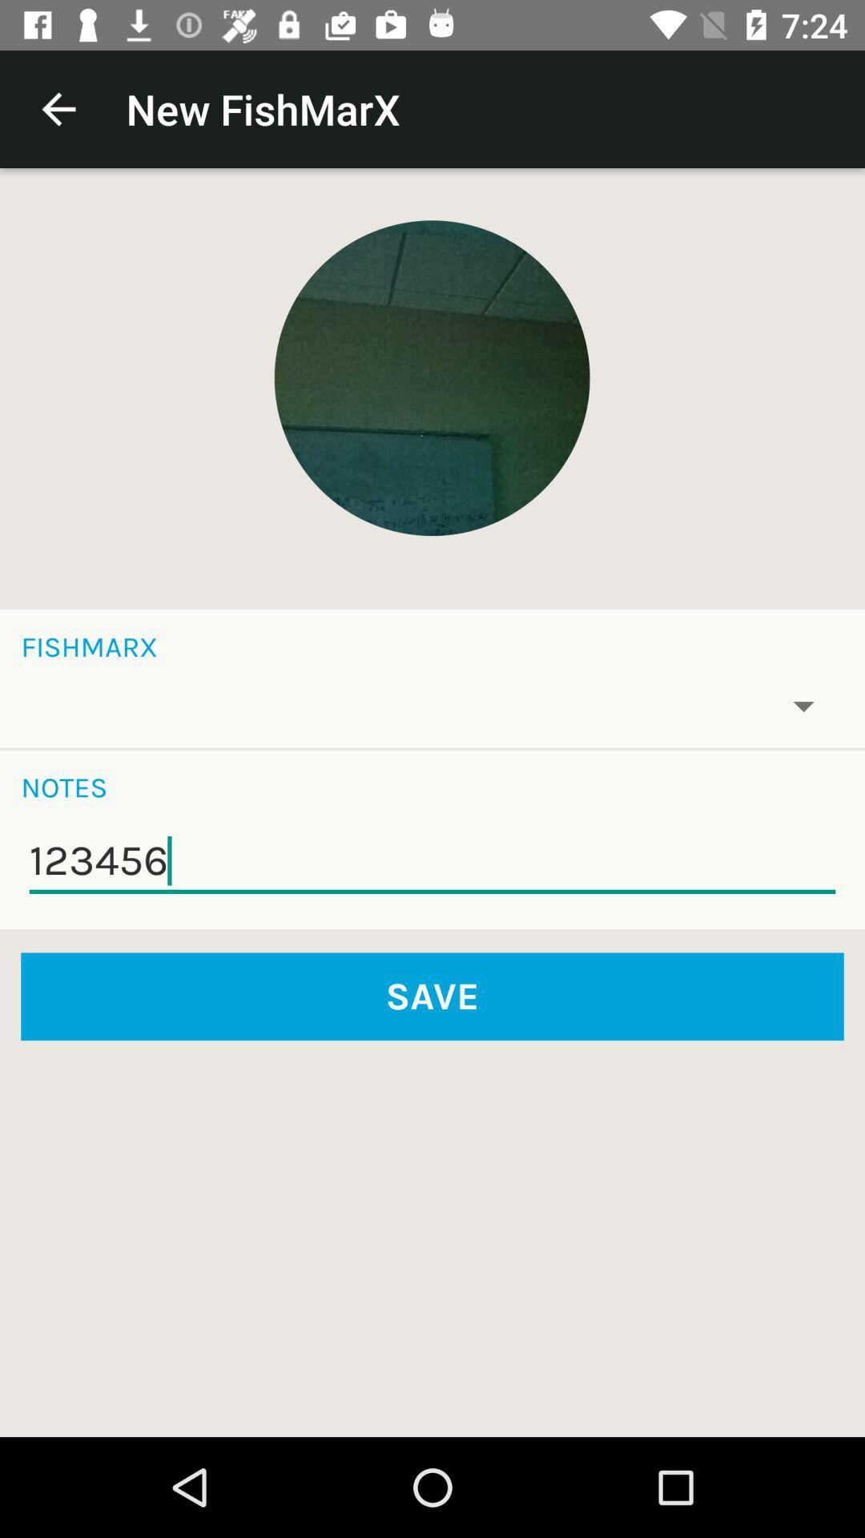 This screenshot has height=1538, width=865. I want to click on the save, so click(432, 996).